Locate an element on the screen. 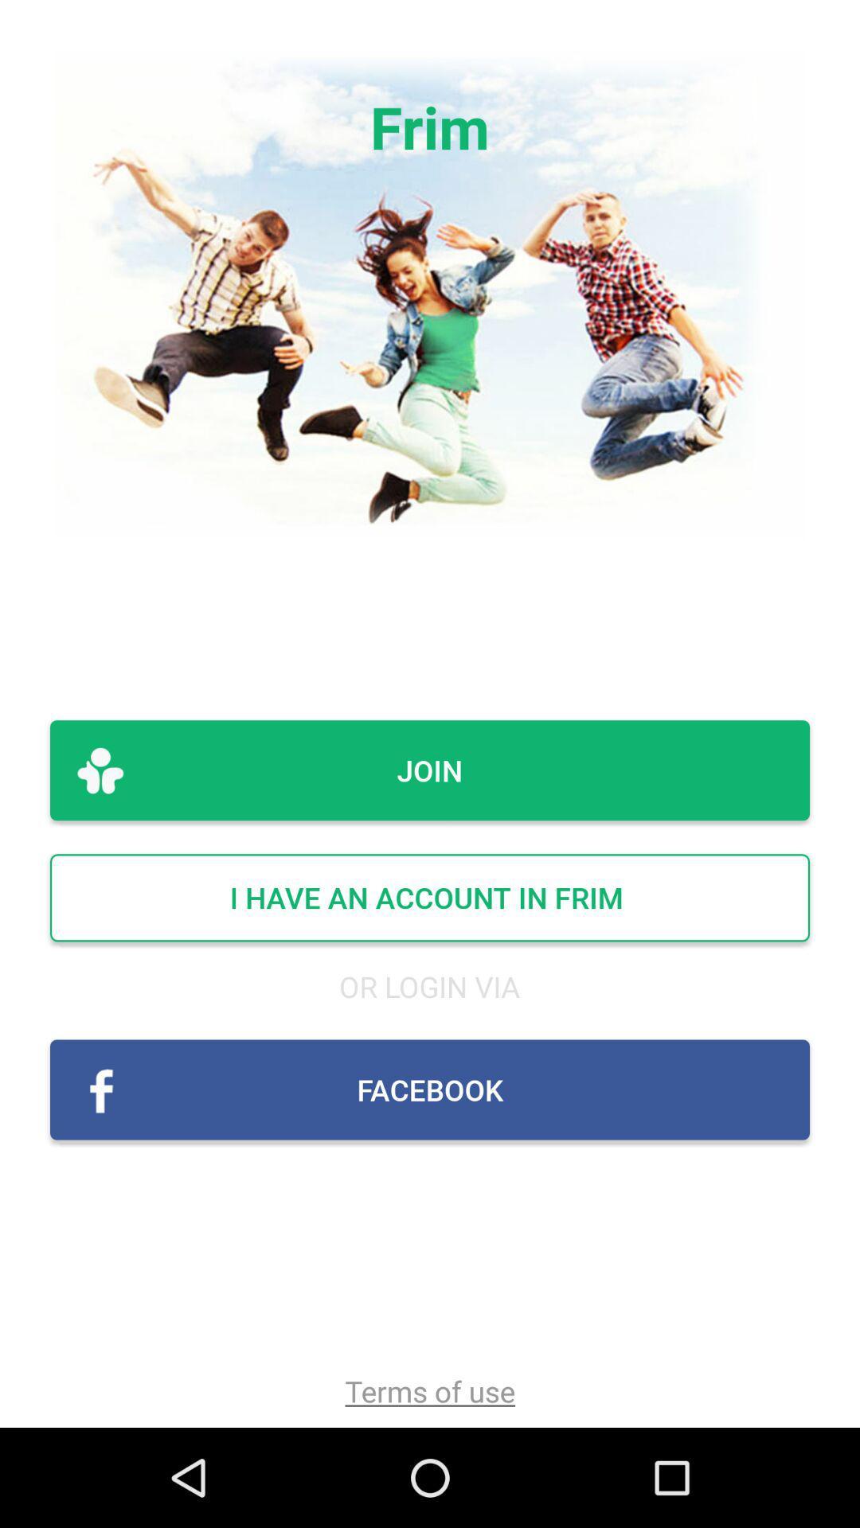 This screenshot has height=1528, width=860. icon above i have an item is located at coordinates (430, 770).